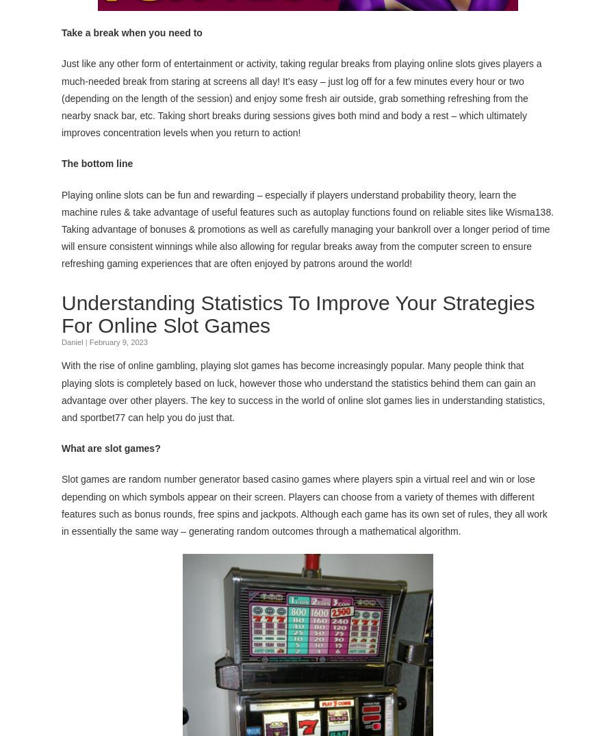 The image size is (616, 736). Describe the element at coordinates (111, 448) in the screenshot. I see `'What are slot games?'` at that location.